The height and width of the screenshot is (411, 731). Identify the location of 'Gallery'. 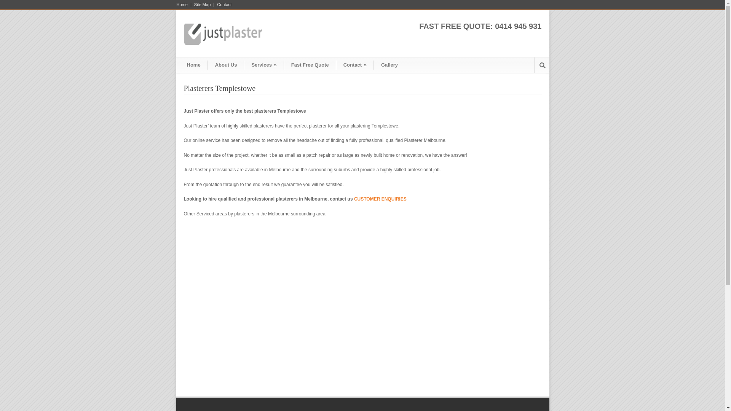
(389, 64).